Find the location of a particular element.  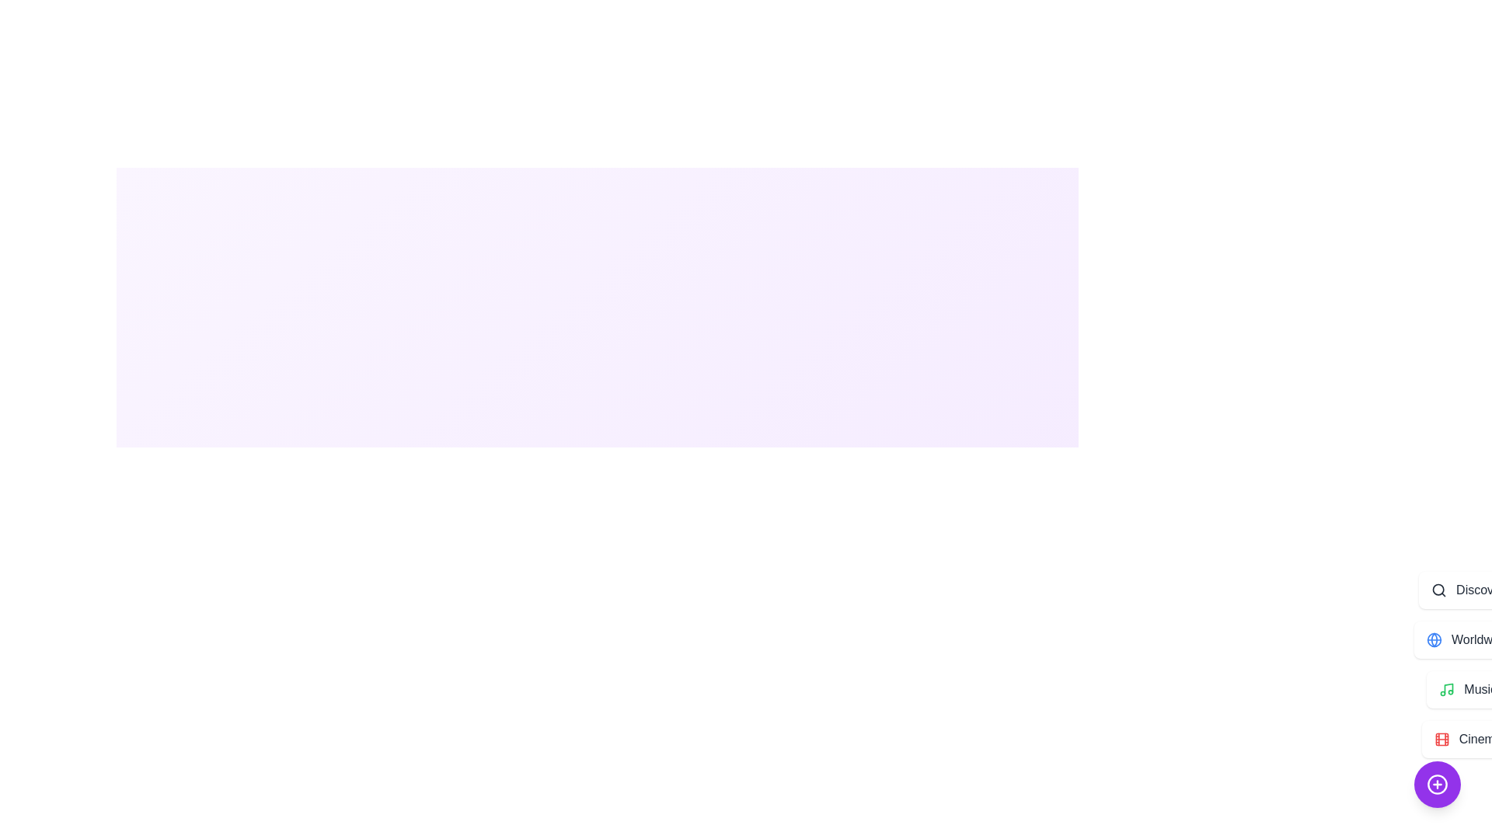

the circular button with the plus icon located at the bottom-right corner of the screen to toggle the menu visibility is located at coordinates (1436, 785).